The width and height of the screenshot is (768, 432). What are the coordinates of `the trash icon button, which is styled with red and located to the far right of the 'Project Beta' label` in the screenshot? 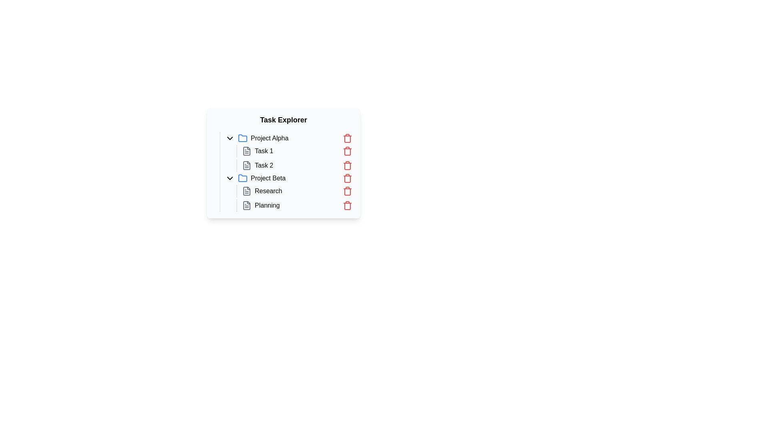 It's located at (347, 178).